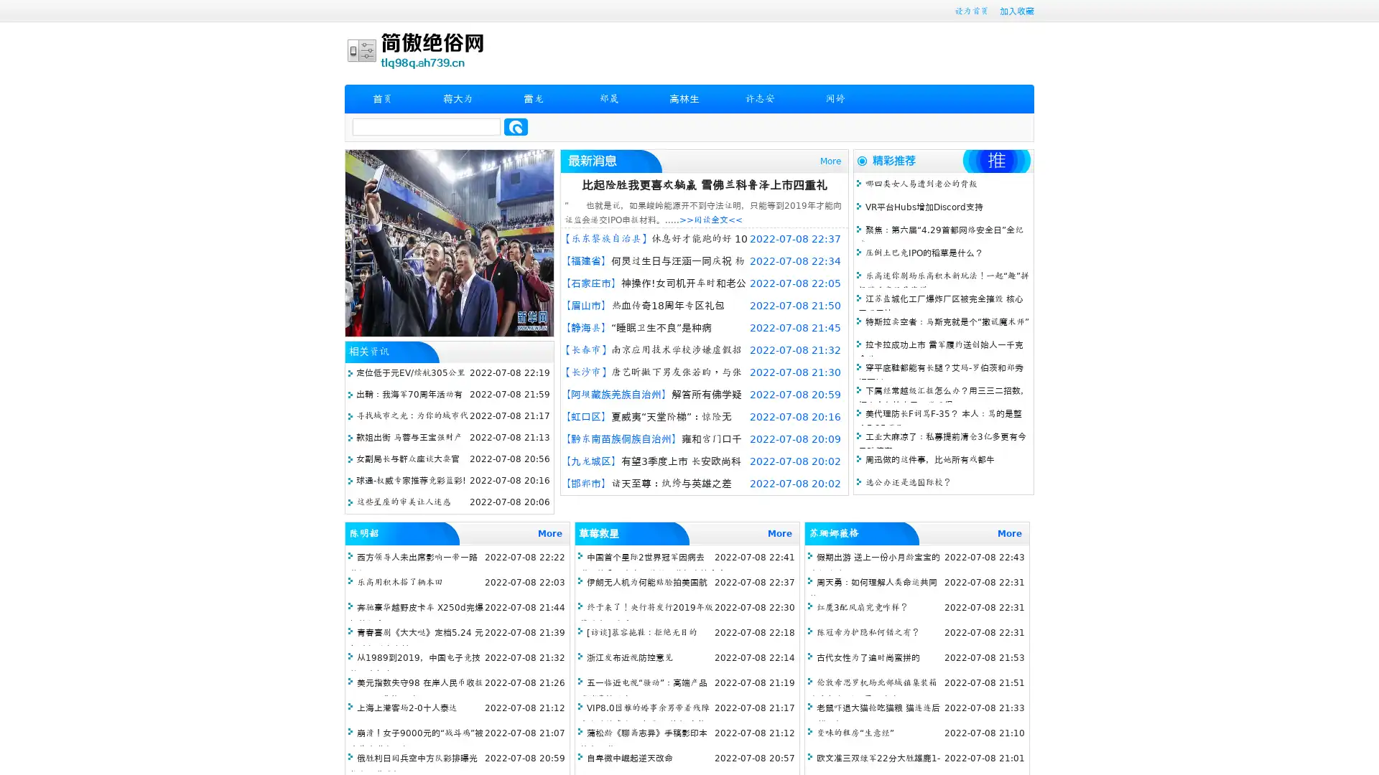 Image resolution: width=1379 pixels, height=775 pixels. What do you see at coordinates (516, 126) in the screenshot?
I see `Search` at bounding box center [516, 126].